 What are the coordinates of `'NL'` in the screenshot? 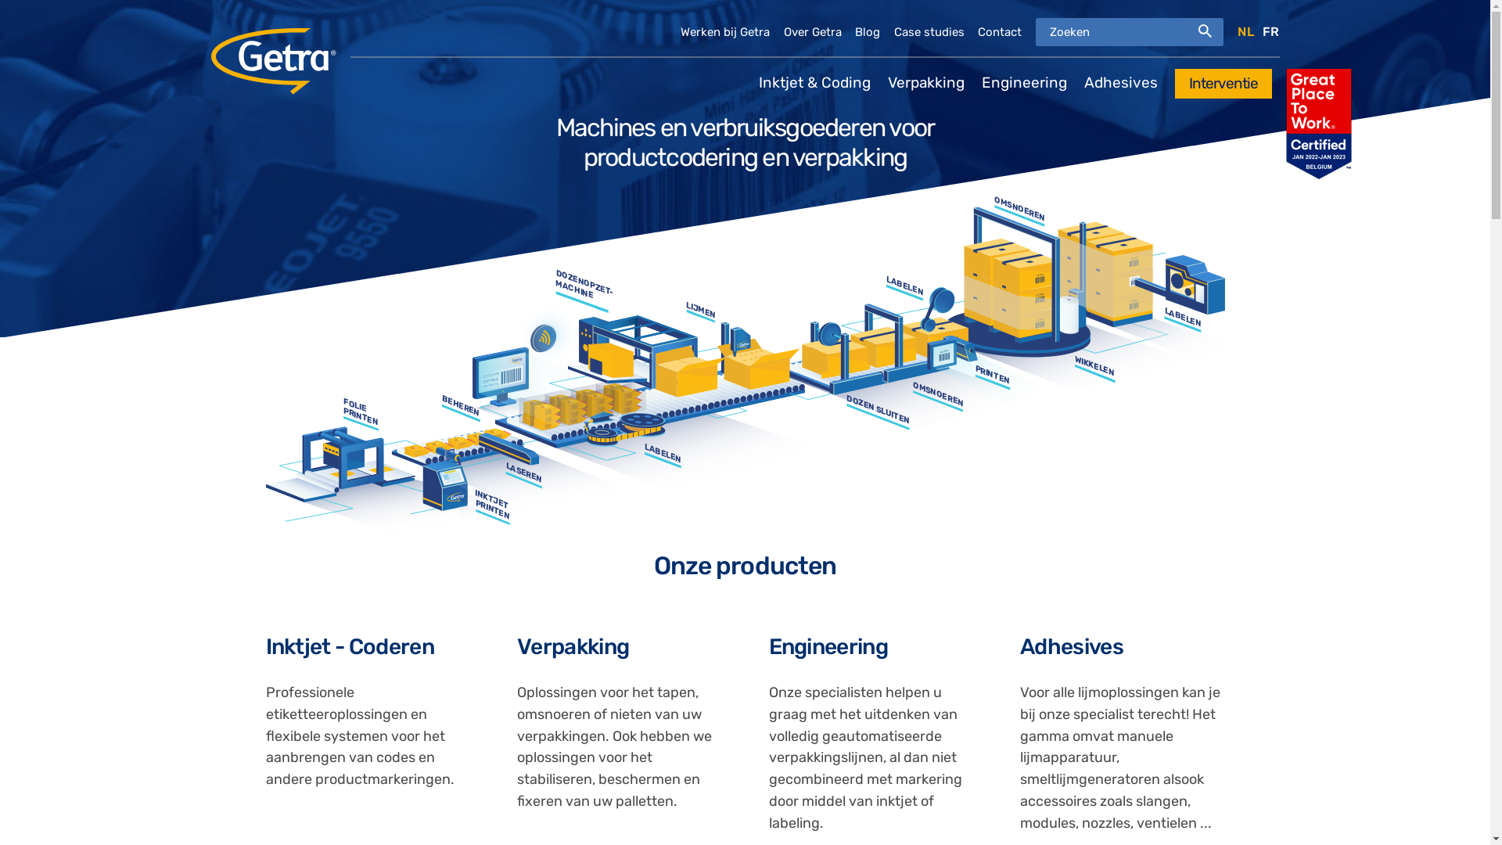 It's located at (1245, 31).